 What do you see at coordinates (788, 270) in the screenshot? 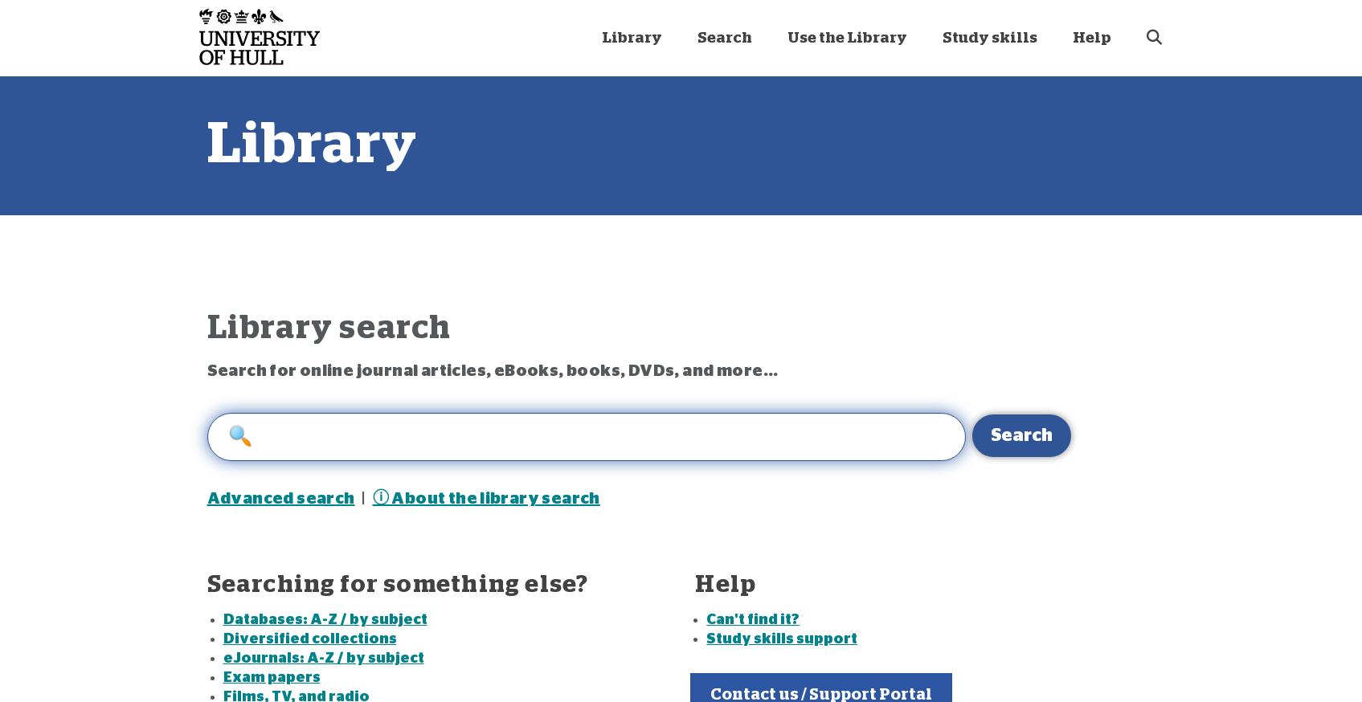
I see `'Essay writing [Online]'` at bounding box center [788, 270].